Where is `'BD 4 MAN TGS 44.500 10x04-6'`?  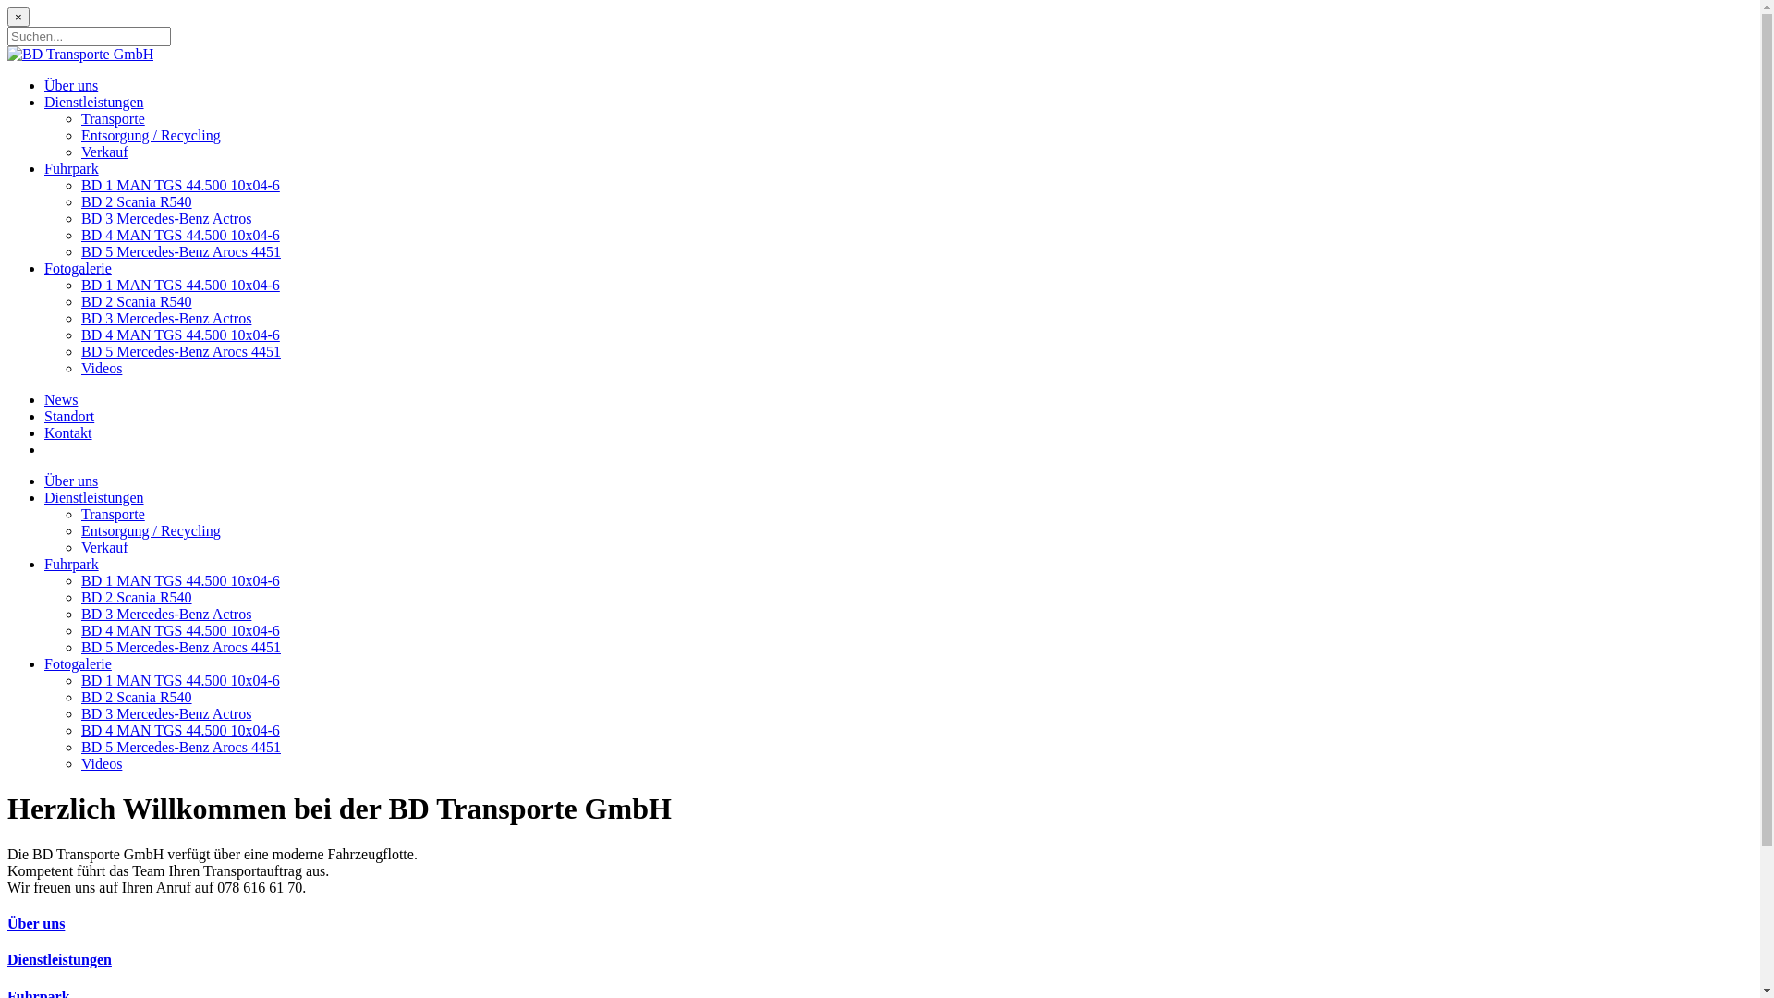 'BD 4 MAN TGS 44.500 10x04-6' is located at coordinates (180, 729).